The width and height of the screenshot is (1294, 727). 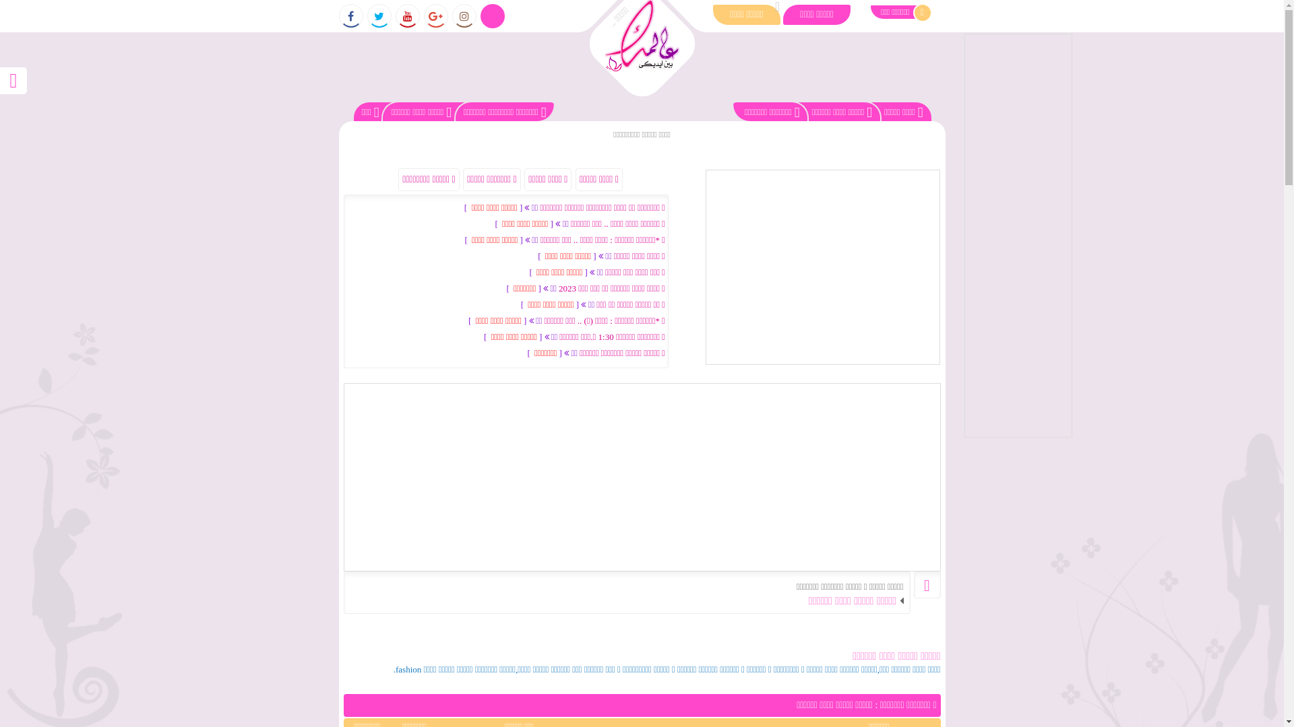 What do you see at coordinates (963, 235) in the screenshot?
I see `'Advertisement'` at bounding box center [963, 235].